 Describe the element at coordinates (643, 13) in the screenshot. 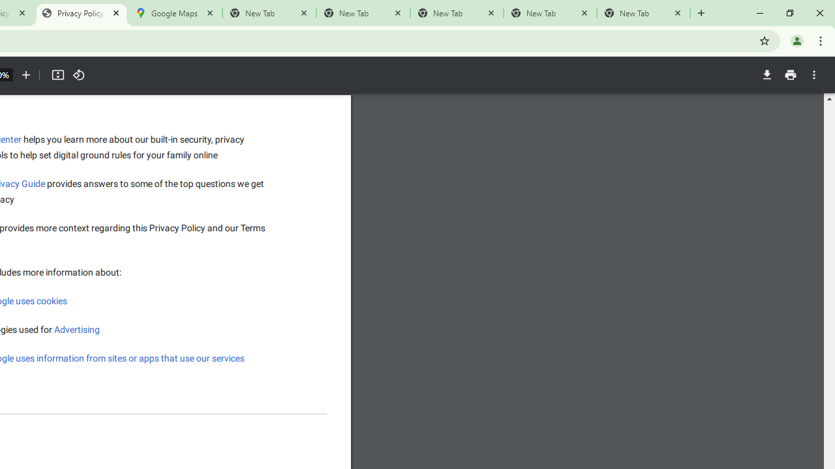

I see `'New Tab'` at that location.